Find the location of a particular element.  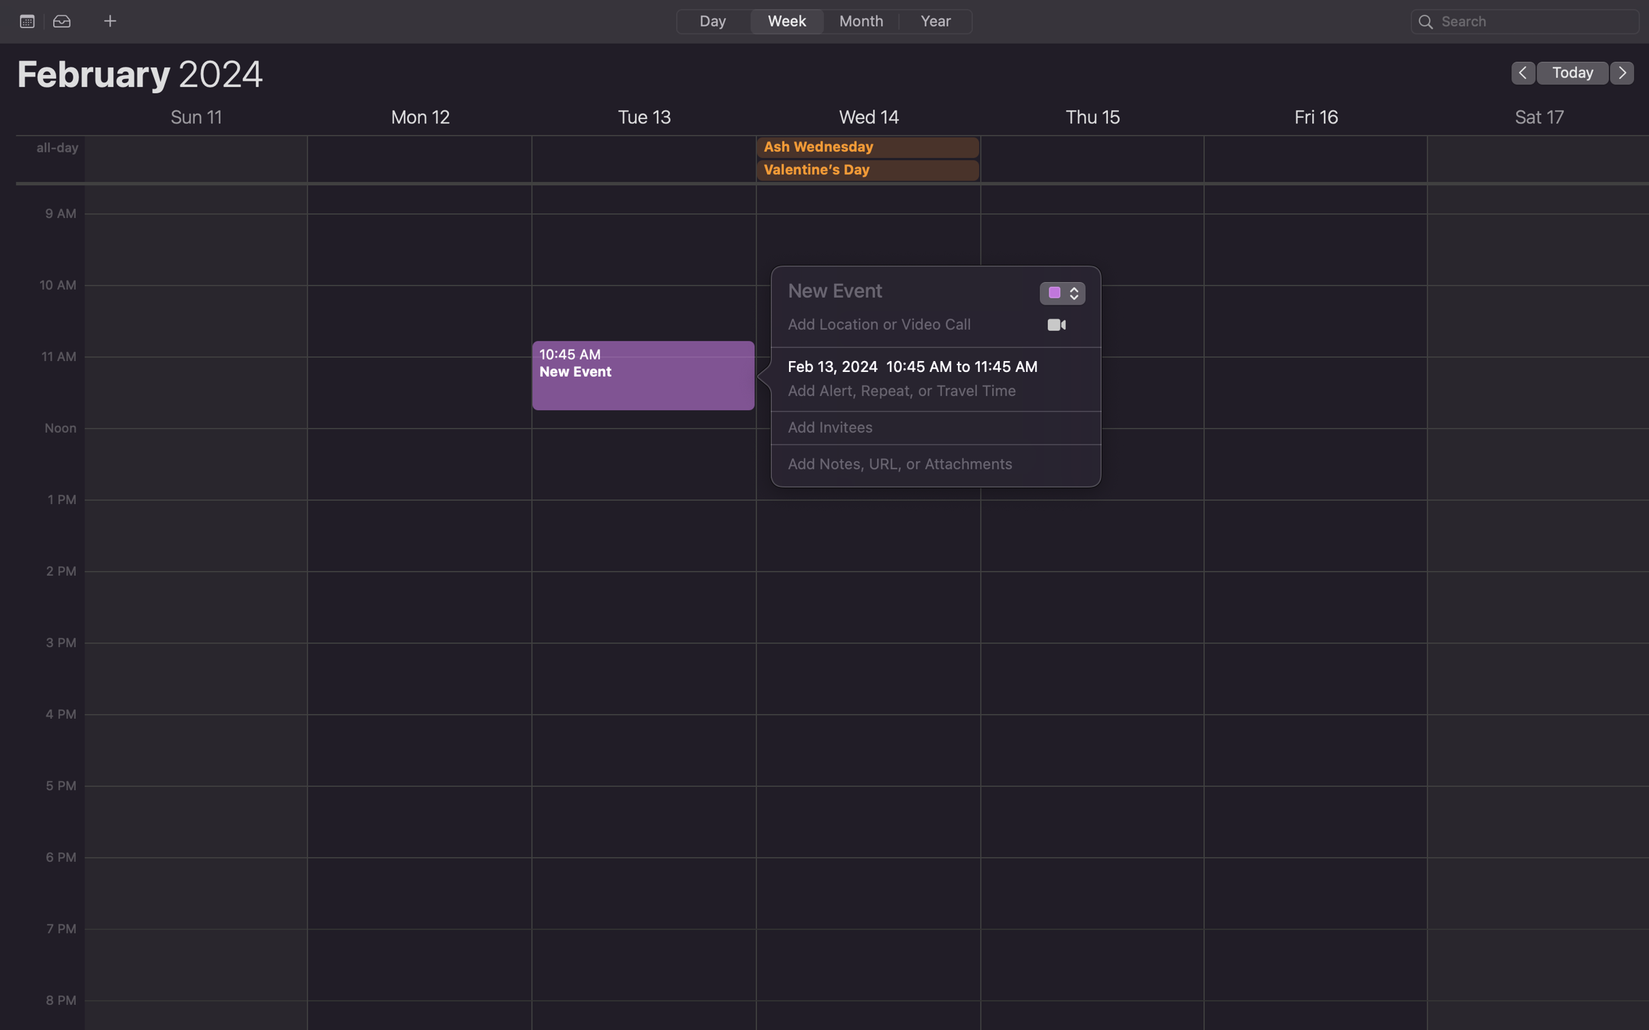

In the "add invitees" section, type in "jane@gmail.com" and confirm is located at coordinates (921, 428).